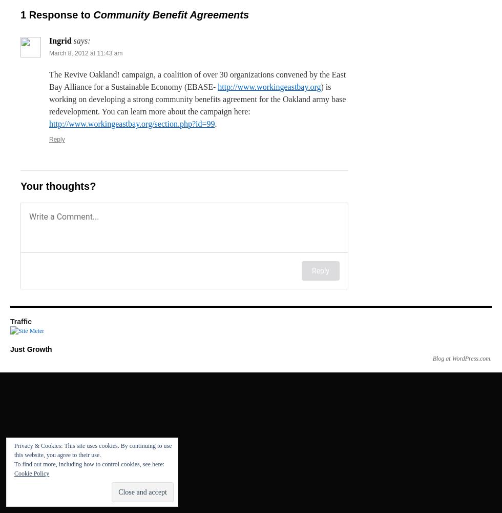 This screenshot has height=513, width=502. Describe the element at coordinates (93, 15) in the screenshot. I see `'Community Benefit Agreements'` at that location.